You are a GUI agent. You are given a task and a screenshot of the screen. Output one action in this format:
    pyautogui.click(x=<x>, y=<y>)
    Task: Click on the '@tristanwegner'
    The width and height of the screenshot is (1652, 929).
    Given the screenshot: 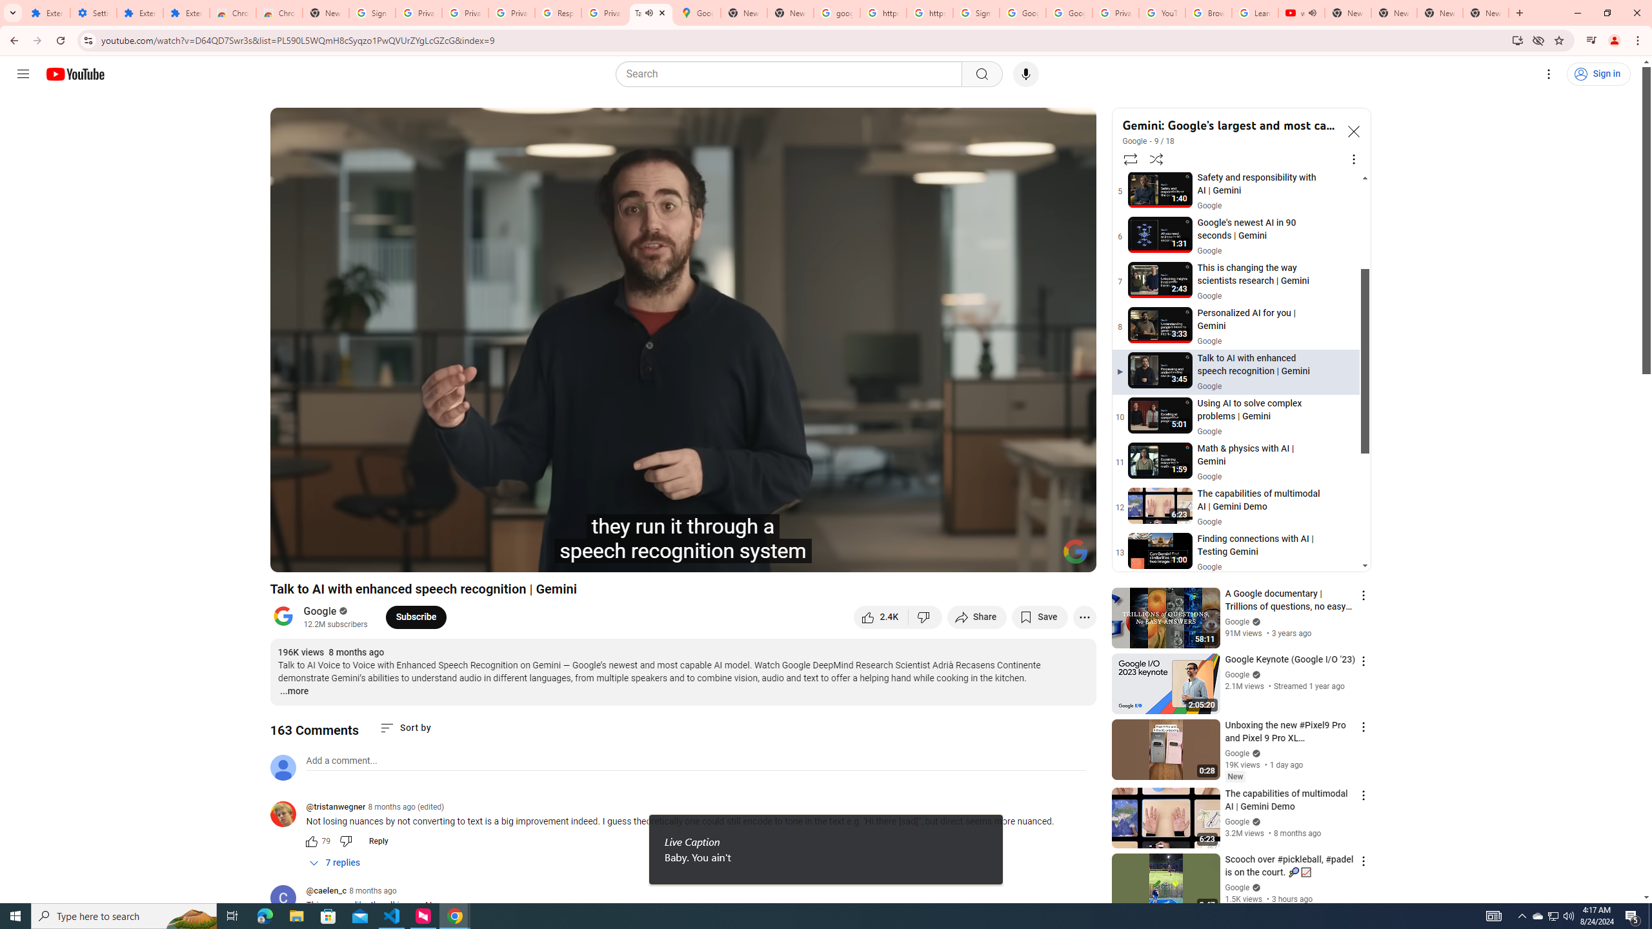 What is the action you would take?
    pyautogui.click(x=287, y=814)
    